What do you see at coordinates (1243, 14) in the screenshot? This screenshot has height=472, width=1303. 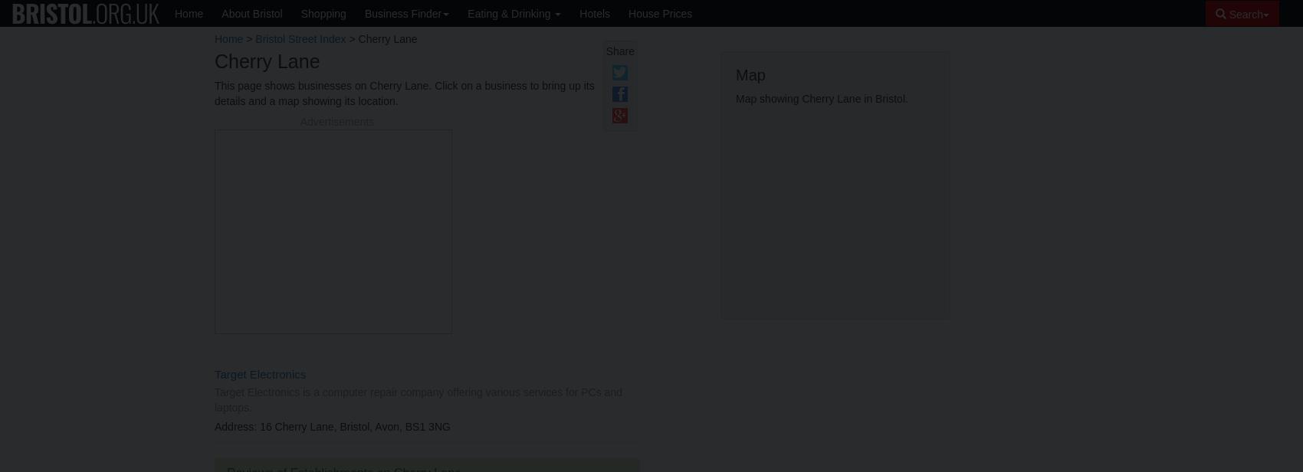 I see `'Search'` at bounding box center [1243, 14].